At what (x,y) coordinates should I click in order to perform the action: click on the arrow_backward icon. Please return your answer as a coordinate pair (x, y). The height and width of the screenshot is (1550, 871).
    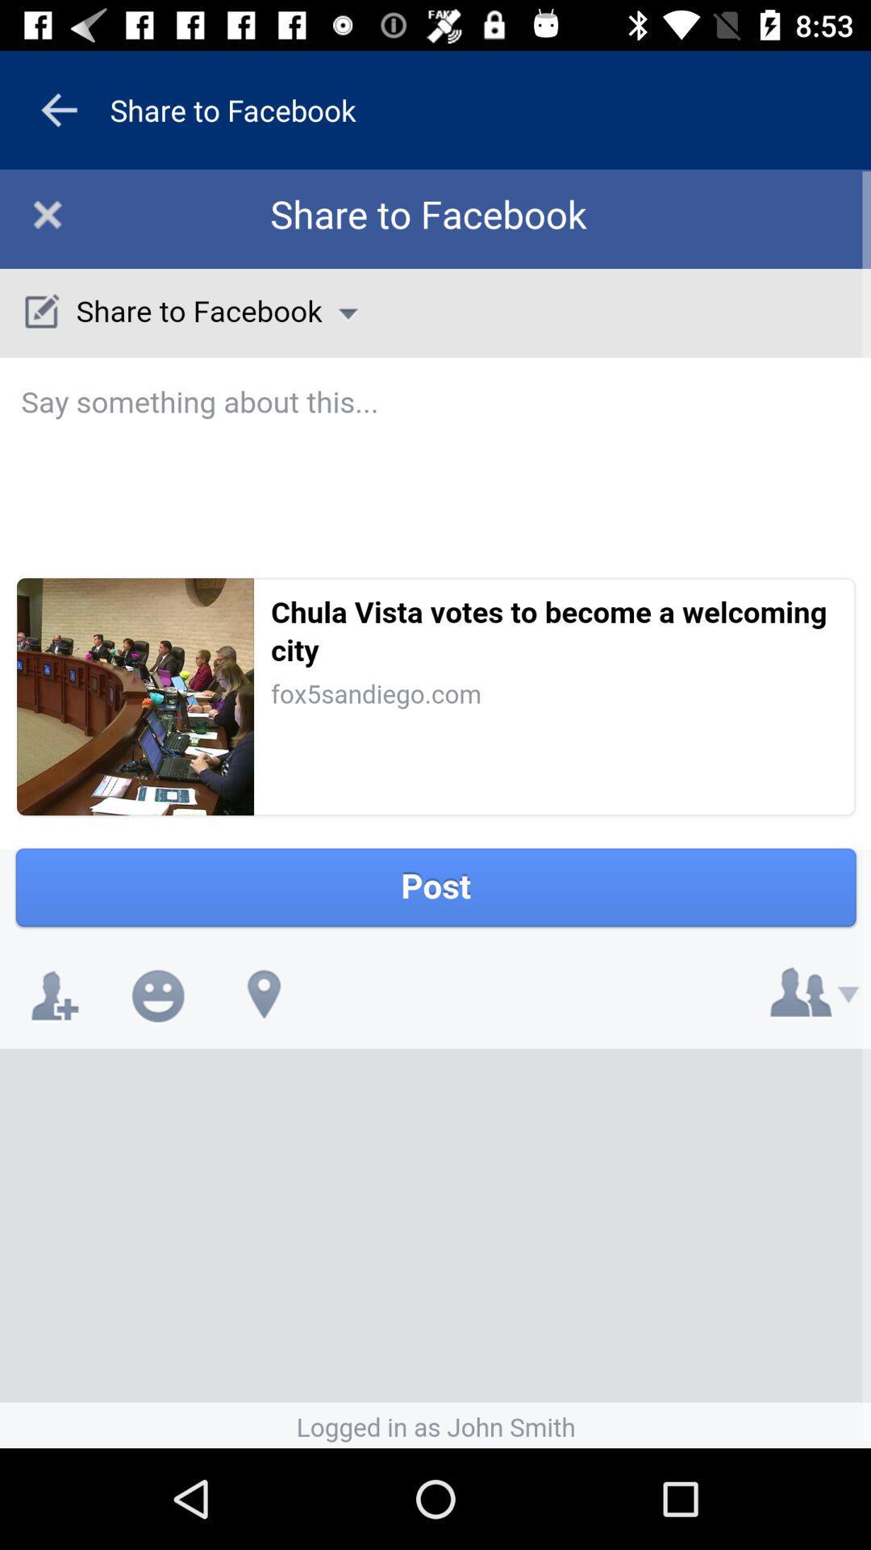
    Looking at the image, I should click on (58, 109).